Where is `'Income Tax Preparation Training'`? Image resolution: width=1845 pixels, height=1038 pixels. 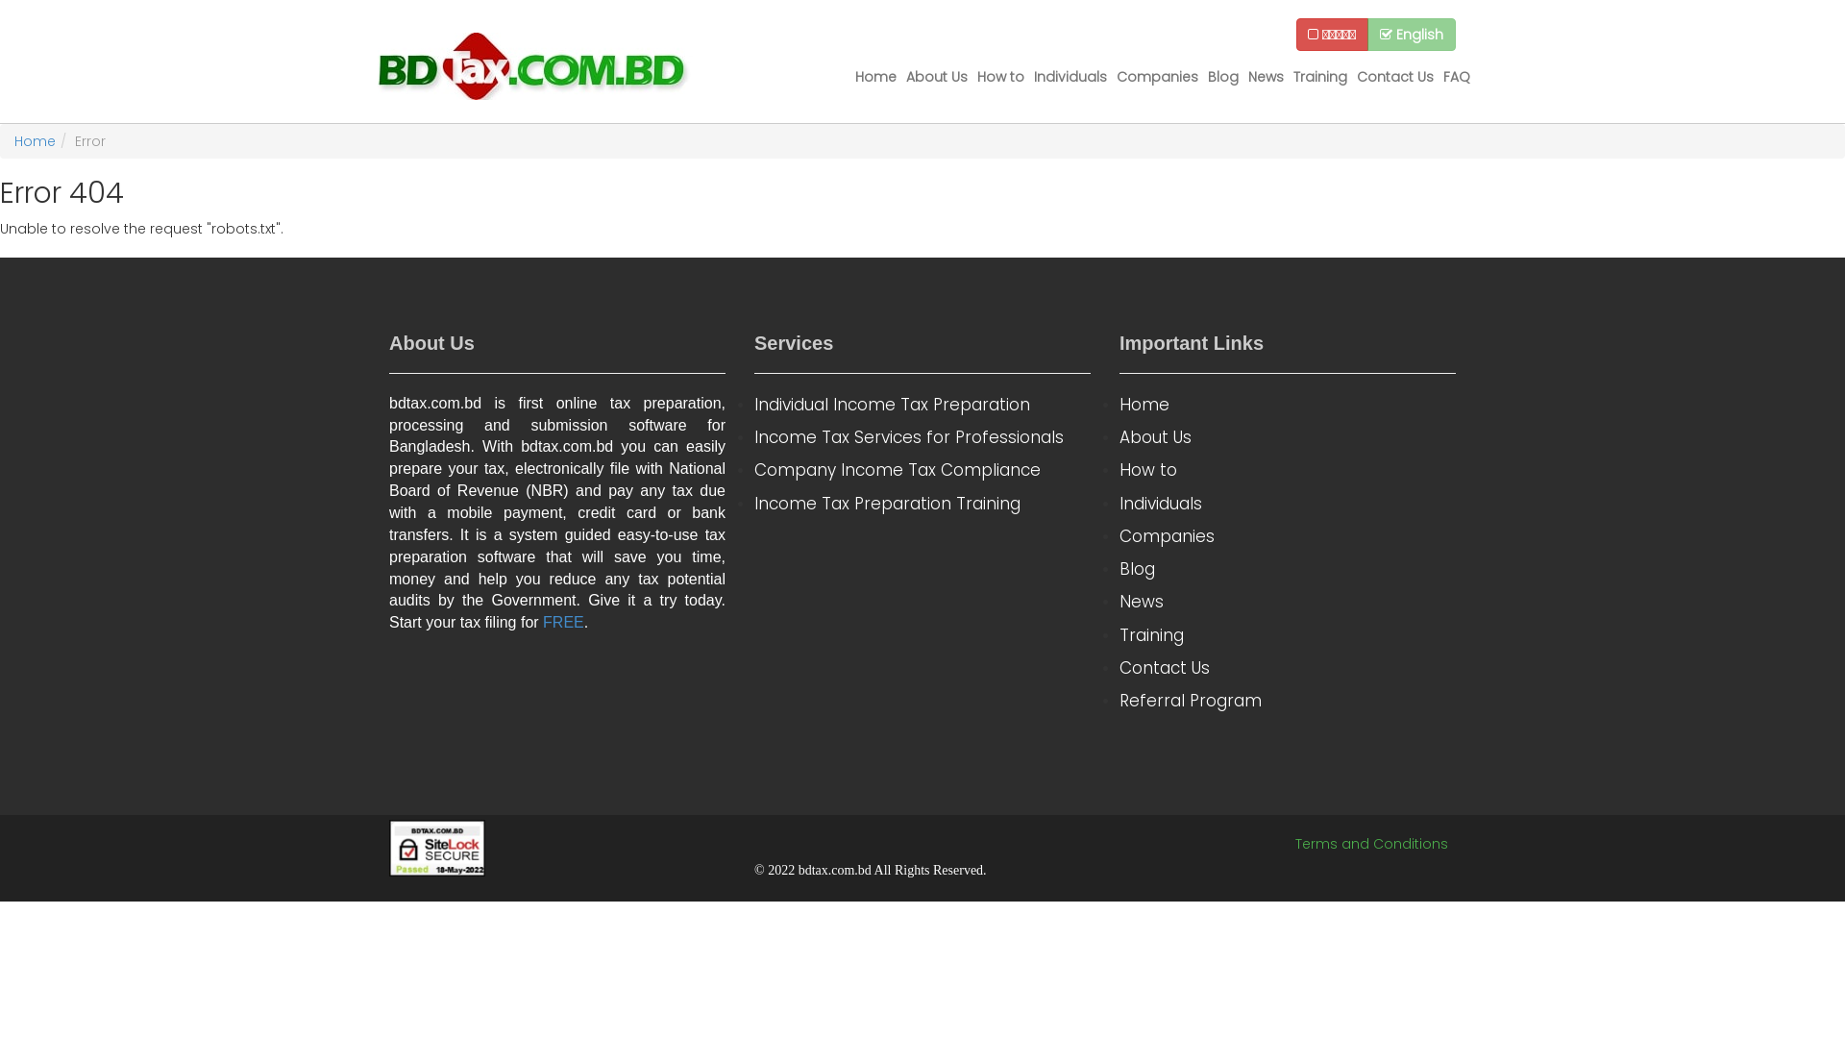 'Income Tax Preparation Training' is located at coordinates (753, 503).